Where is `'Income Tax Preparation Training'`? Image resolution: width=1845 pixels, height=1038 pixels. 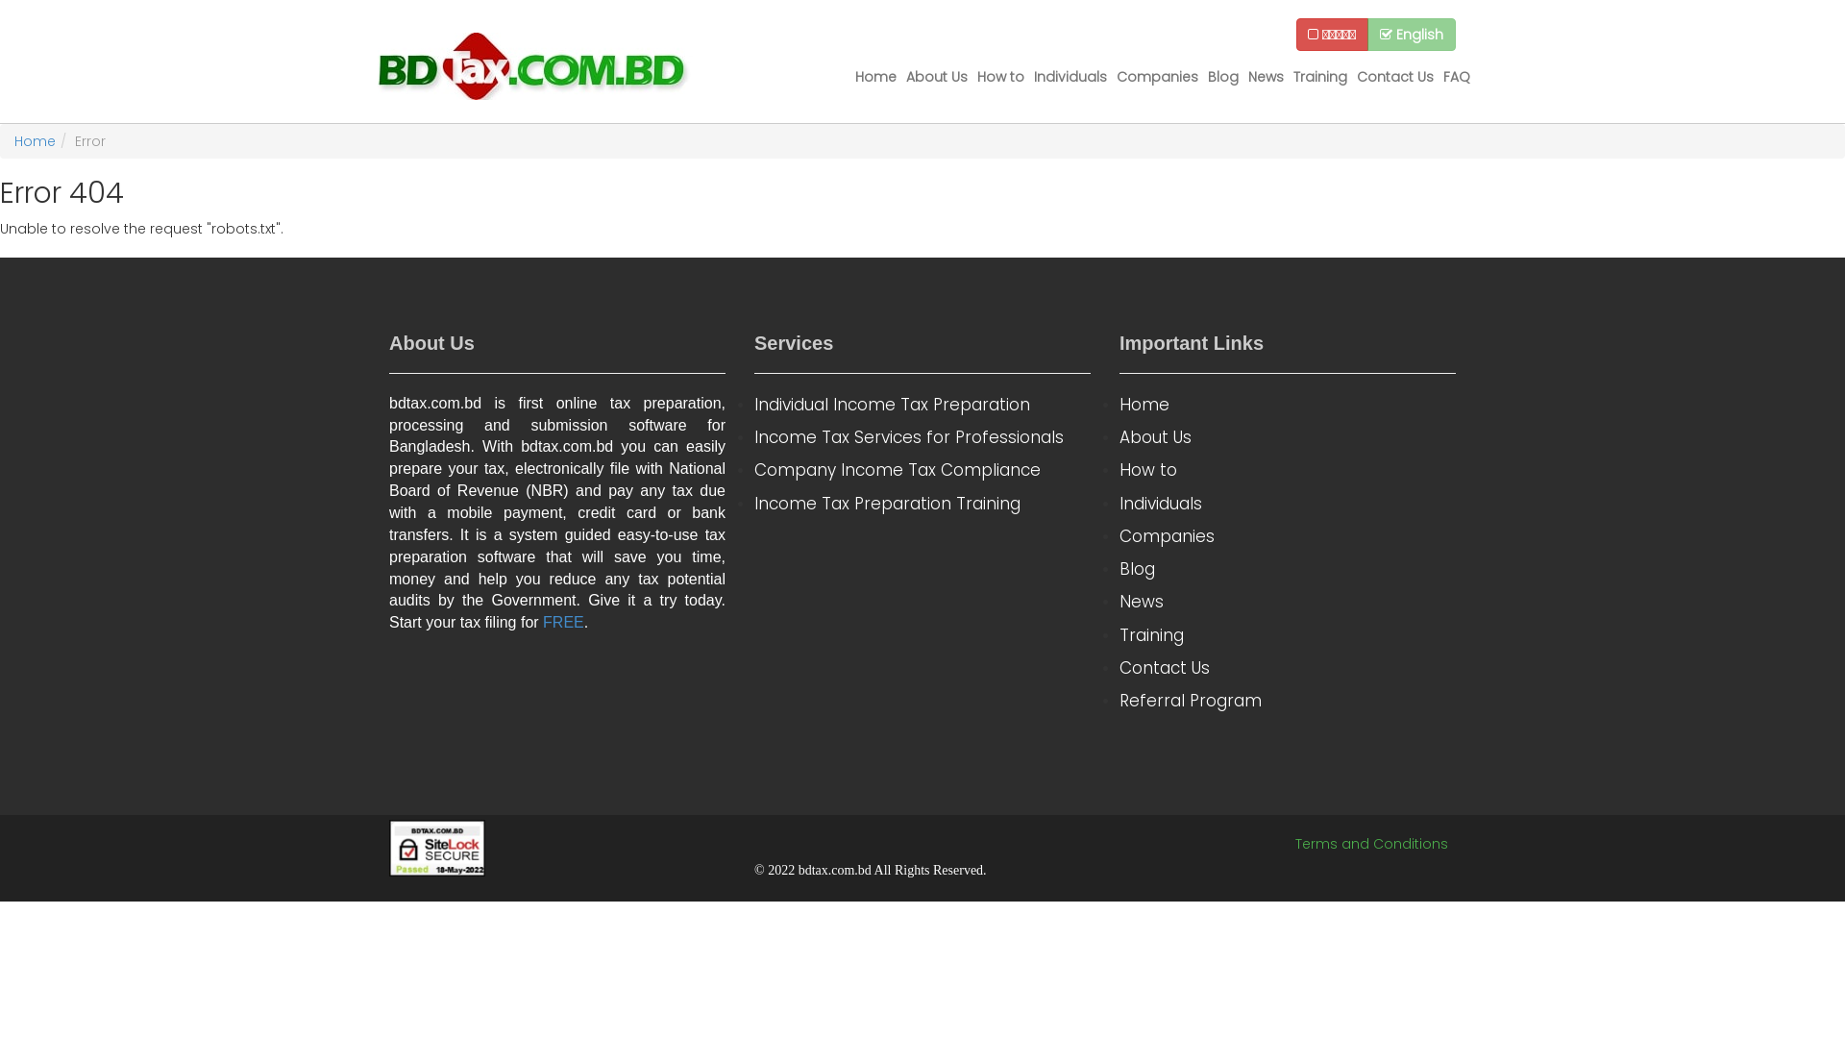 'Income Tax Preparation Training' is located at coordinates (753, 503).